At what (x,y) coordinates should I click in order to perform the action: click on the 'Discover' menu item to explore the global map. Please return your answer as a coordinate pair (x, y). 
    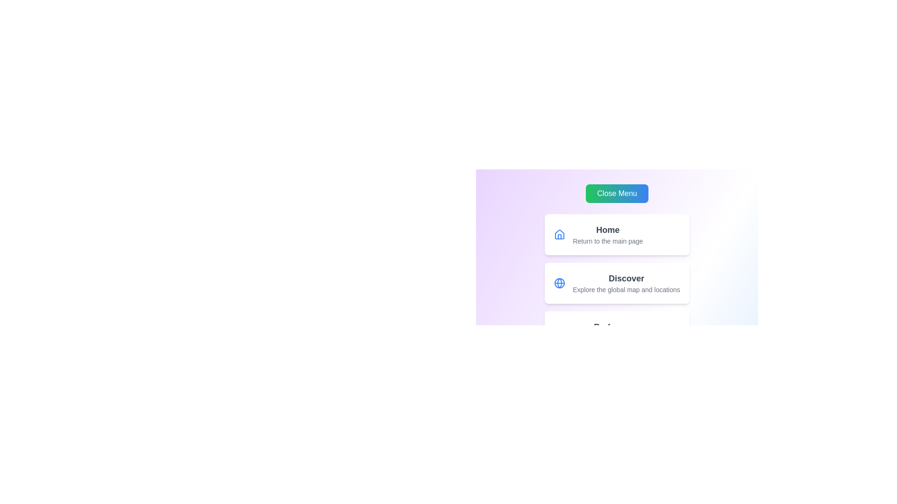
    Looking at the image, I should click on (617, 282).